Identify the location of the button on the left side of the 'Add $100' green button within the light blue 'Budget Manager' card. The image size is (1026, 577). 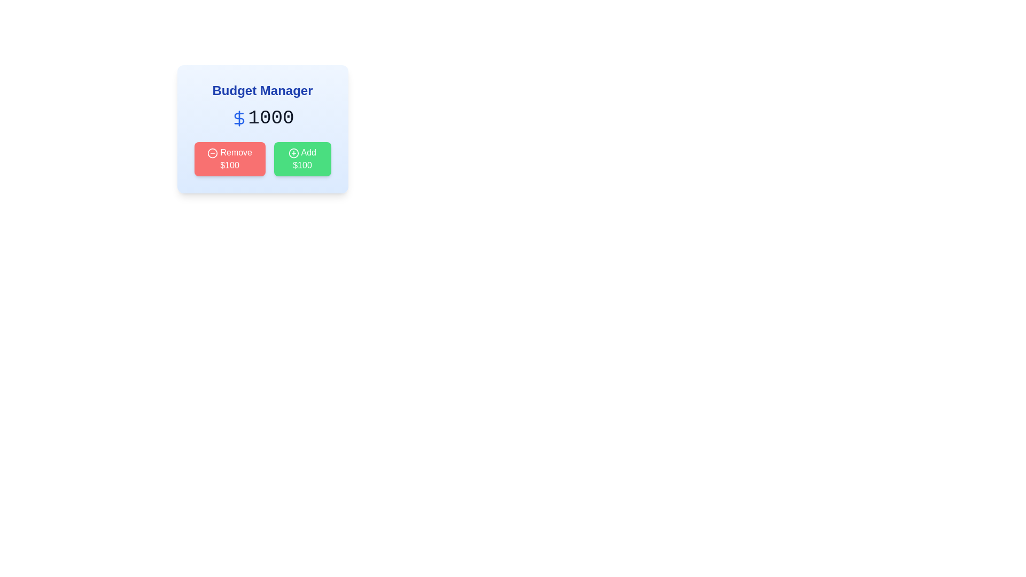
(229, 159).